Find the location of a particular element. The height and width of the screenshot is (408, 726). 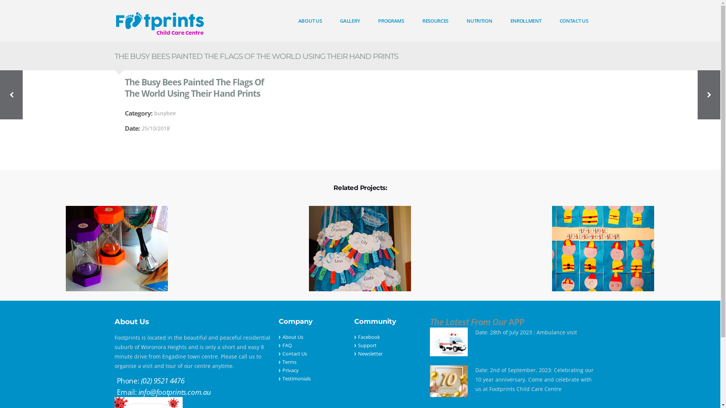

'Newsletter' is located at coordinates (357, 354).